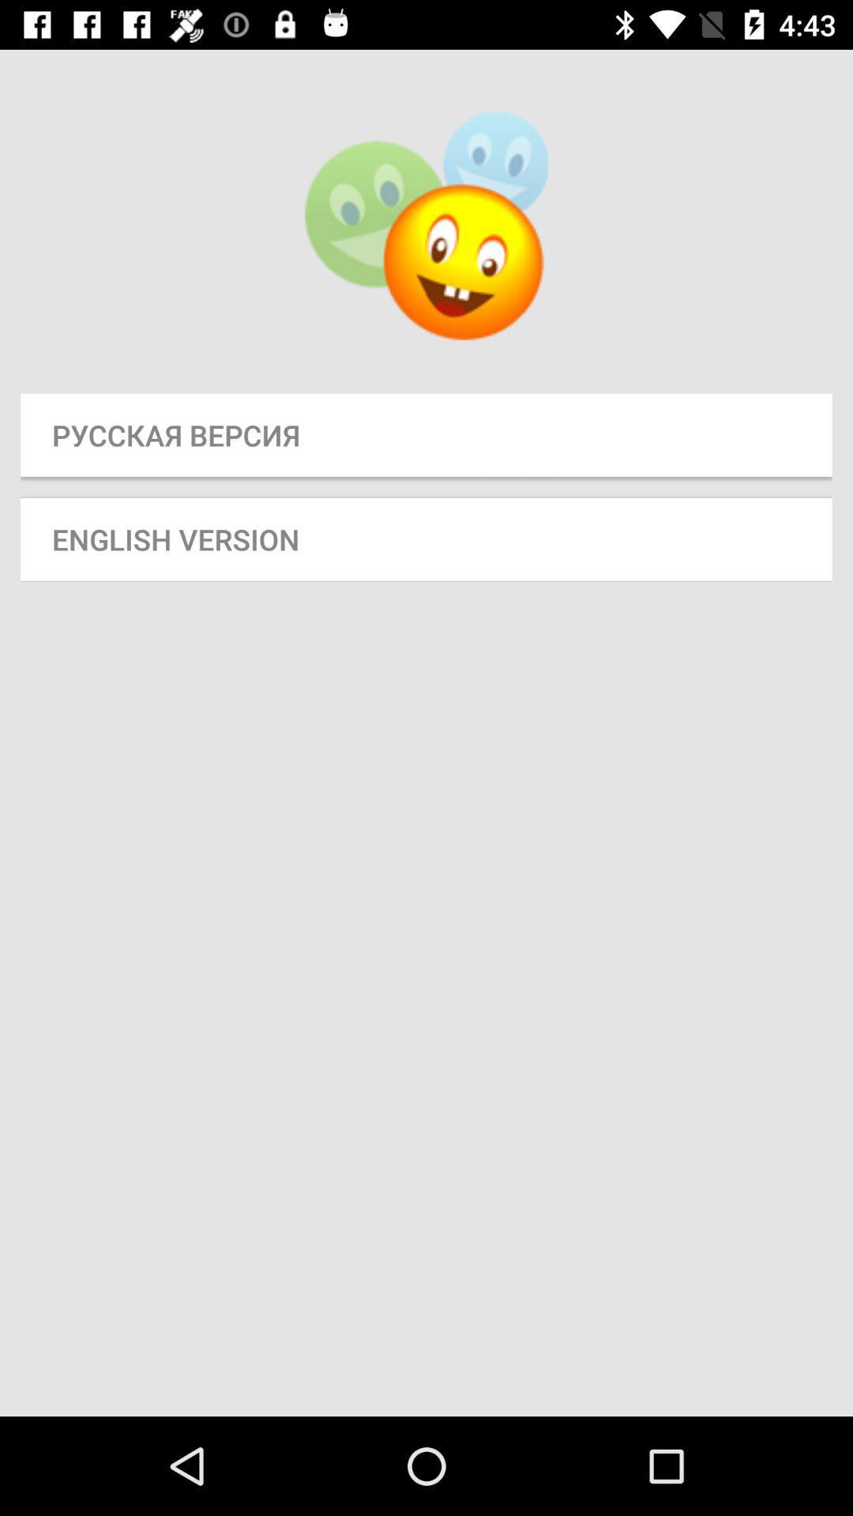 This screenshot has height=1516, width=853. What do you see at coordinates (426, 539) in the screenshot?
I see `english version button` at bounding box center [426, 539].